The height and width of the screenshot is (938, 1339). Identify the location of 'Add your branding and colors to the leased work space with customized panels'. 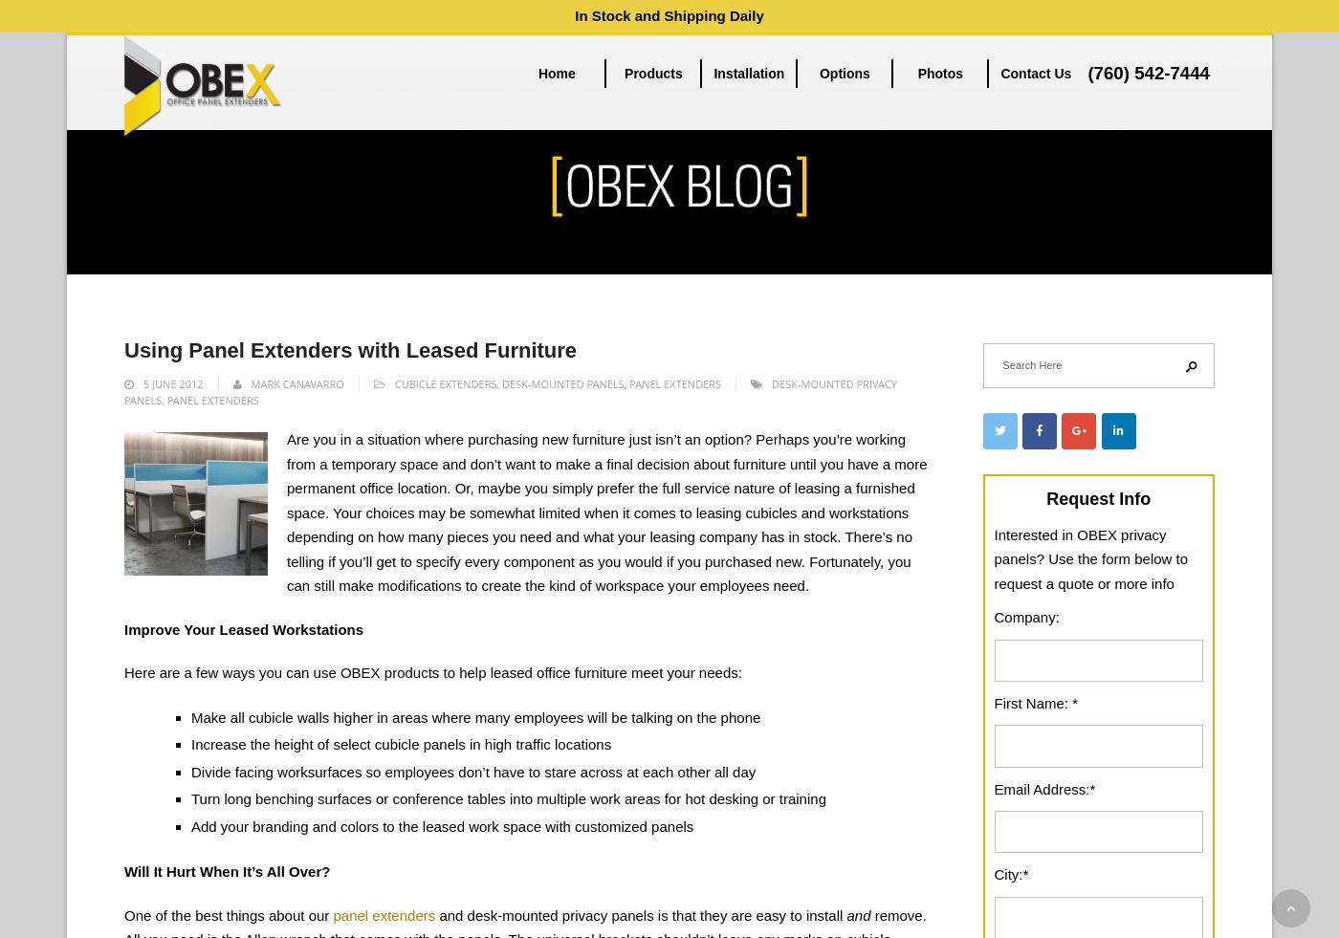
(442, 825).